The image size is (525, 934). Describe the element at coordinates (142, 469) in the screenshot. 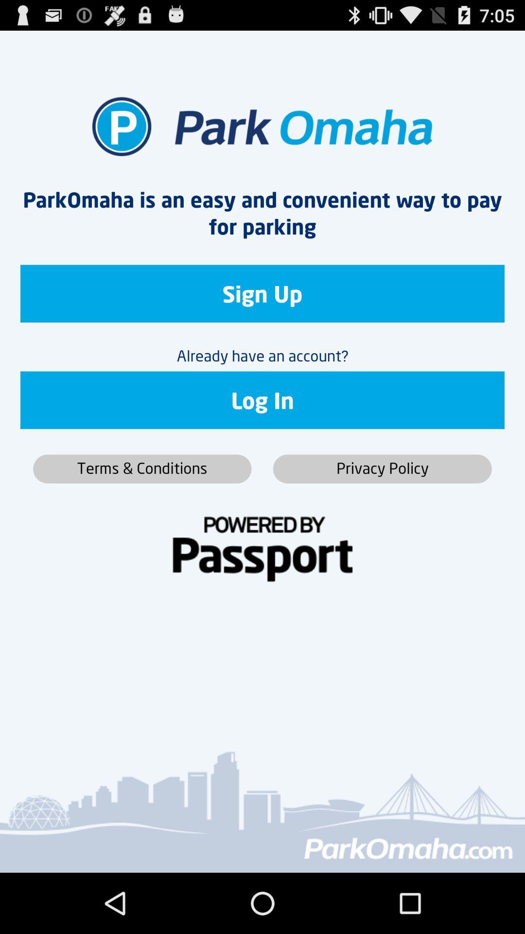

I see `button below log in` at that location.